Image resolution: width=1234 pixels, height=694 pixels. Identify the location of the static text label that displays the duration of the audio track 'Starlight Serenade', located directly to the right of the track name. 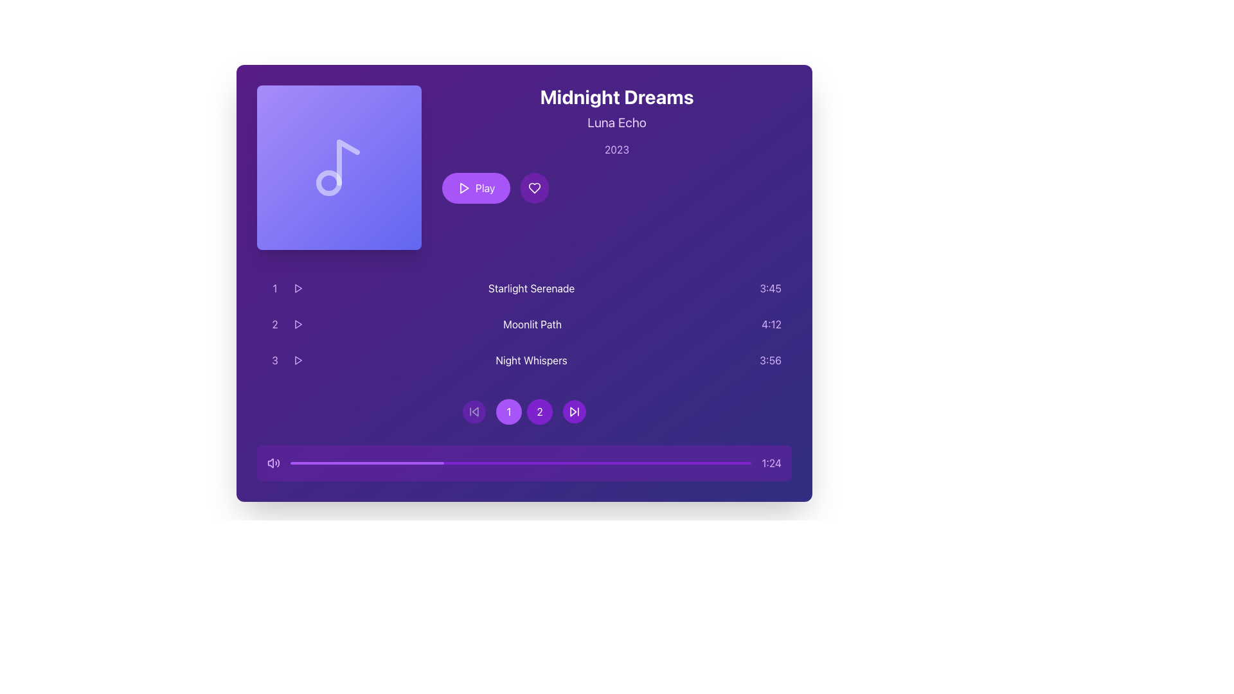
(771, 287).